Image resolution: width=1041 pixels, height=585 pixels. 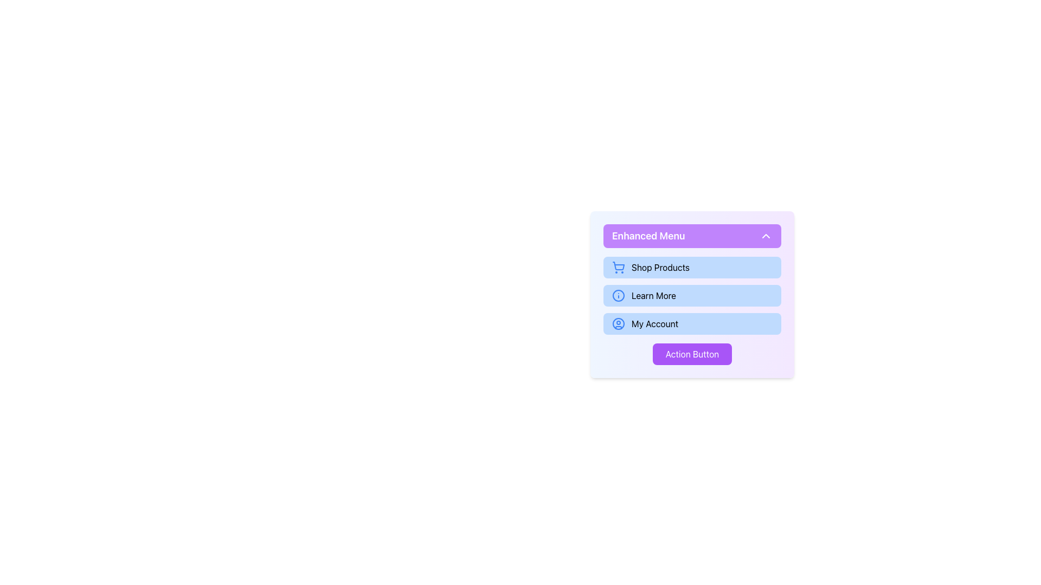 I want to click on the shopping cart icon, which has a blue outline and is positioned to the left of the 'Shop Products' button text, so click(x=619, y=267).